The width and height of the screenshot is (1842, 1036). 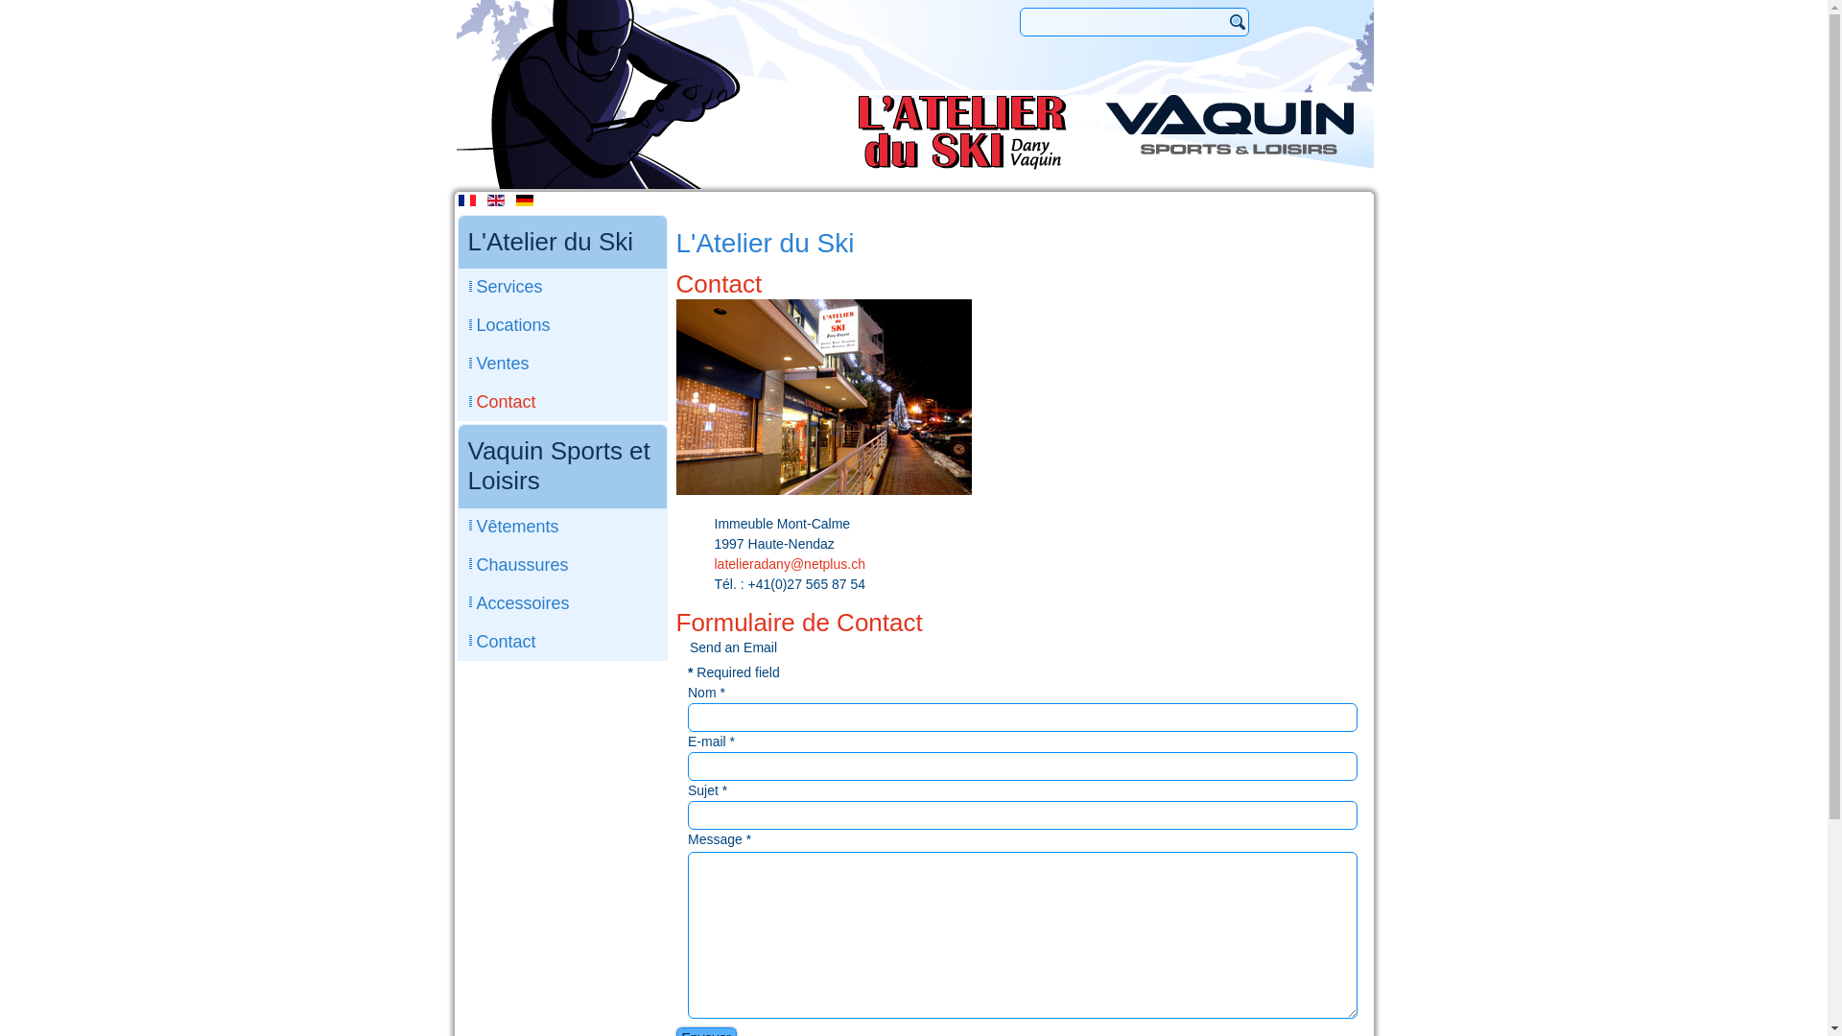 What do you see at coordinates (560, 287) in the screenshot?
I see `'Services'` at bounding box center [560, 287].